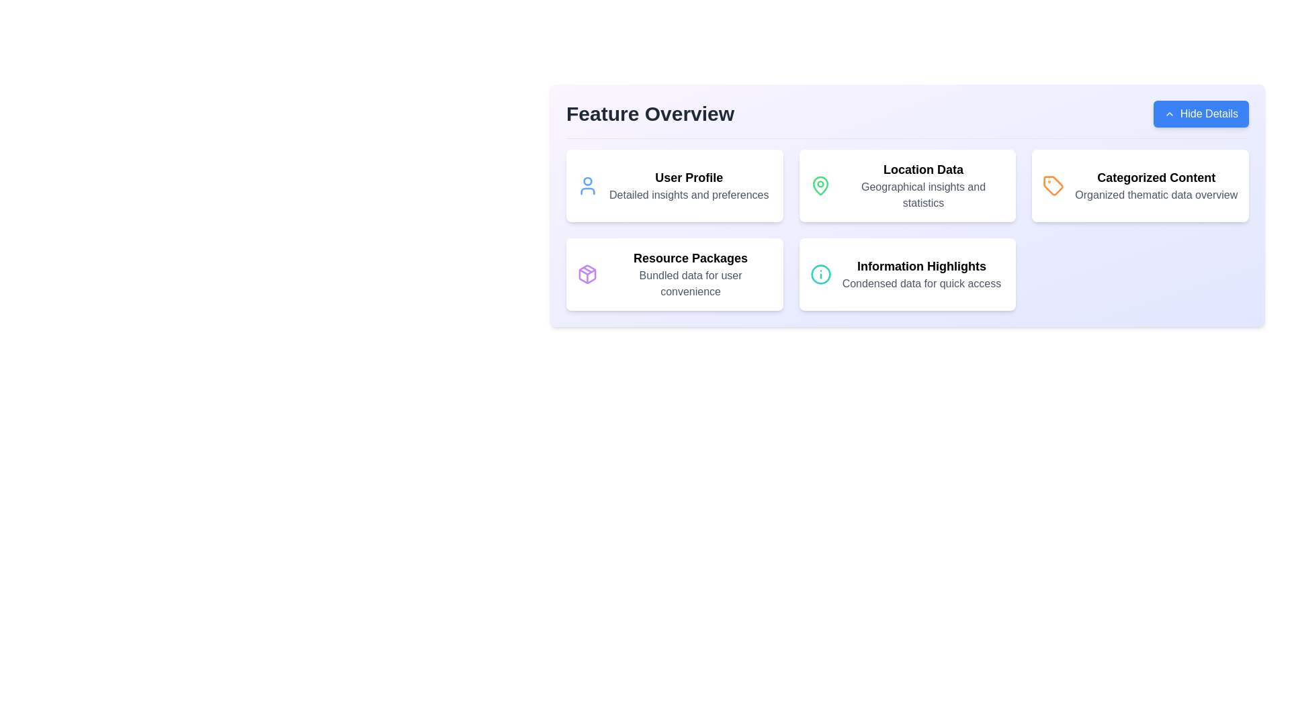  What do you see at coordinates (1053, 186) in the screenshot?
I see `the small orange tag icon located to the left of the 'Categorized Content' text within the 'Categorized Content' card as part of the card's visual identity` at bounding box center [1053, 186].